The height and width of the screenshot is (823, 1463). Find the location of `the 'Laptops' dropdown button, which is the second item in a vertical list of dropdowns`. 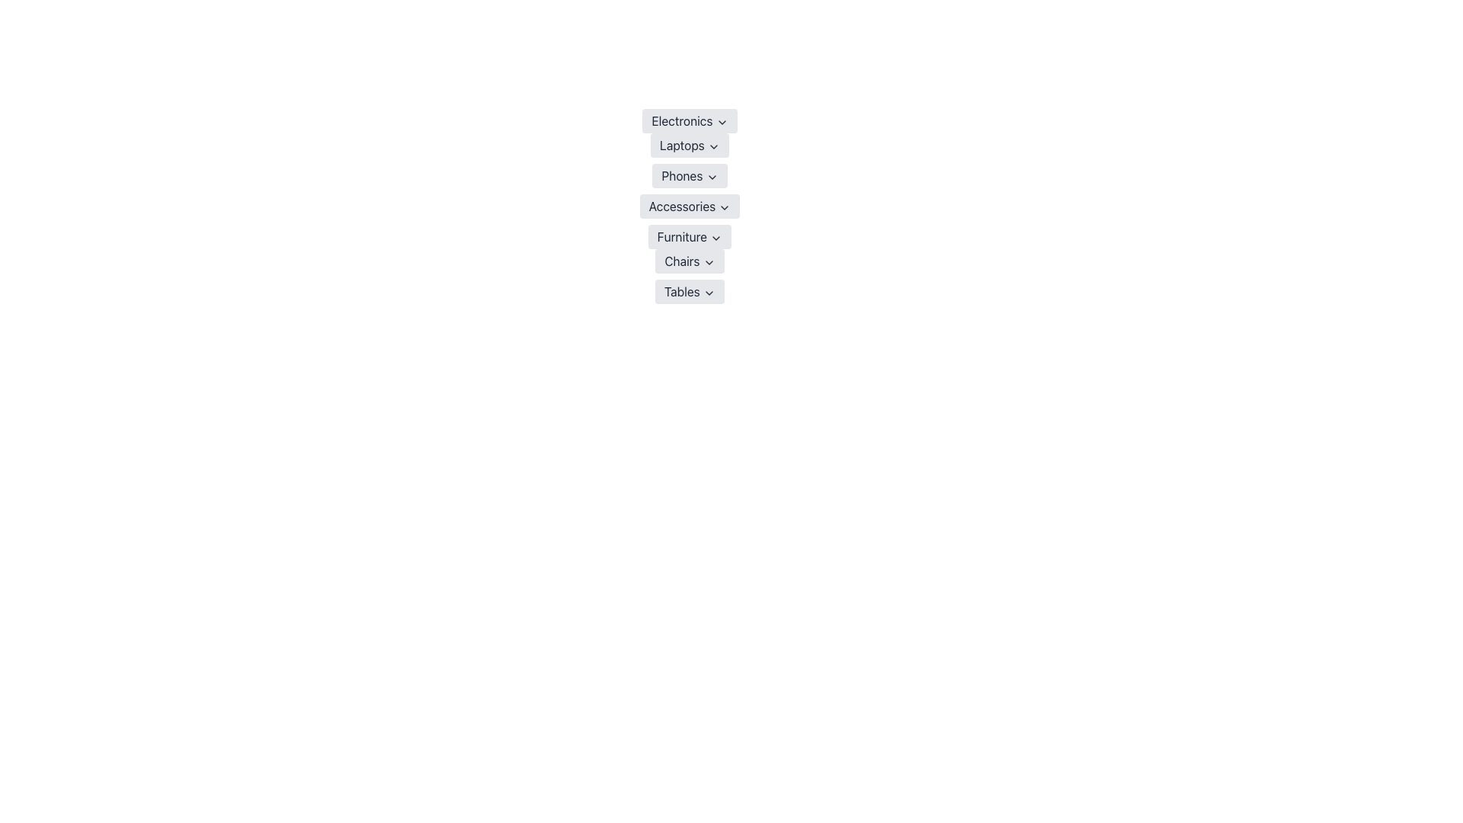

the 'Laptops' dropdown button, which is the second item in a vertical list of dropdowns is located at coordinates (689, 146).